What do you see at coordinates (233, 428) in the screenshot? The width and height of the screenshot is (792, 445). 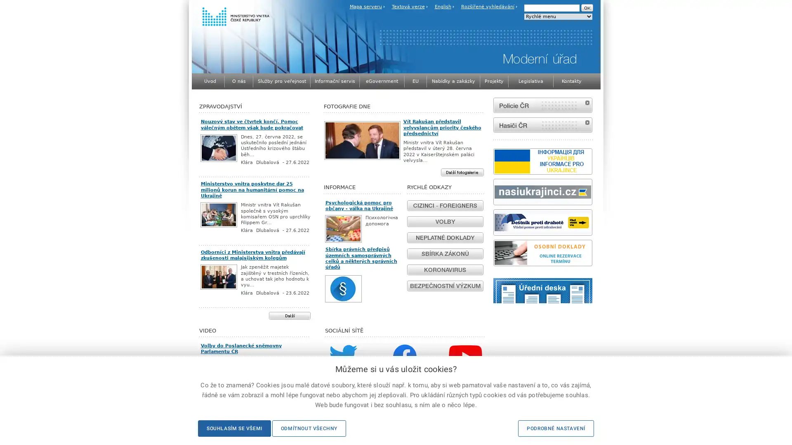 I see `SOUHLASIM SE VSEMI` at bounding box center [233, 428].